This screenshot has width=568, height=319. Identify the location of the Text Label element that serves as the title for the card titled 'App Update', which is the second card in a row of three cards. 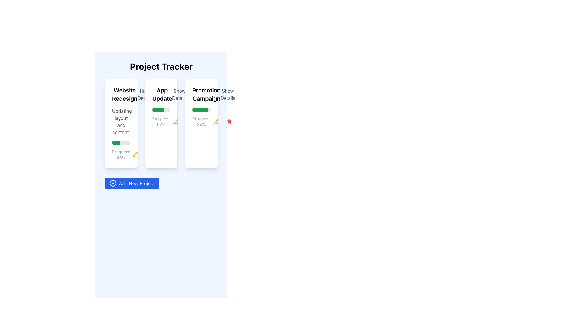
(161, 94).